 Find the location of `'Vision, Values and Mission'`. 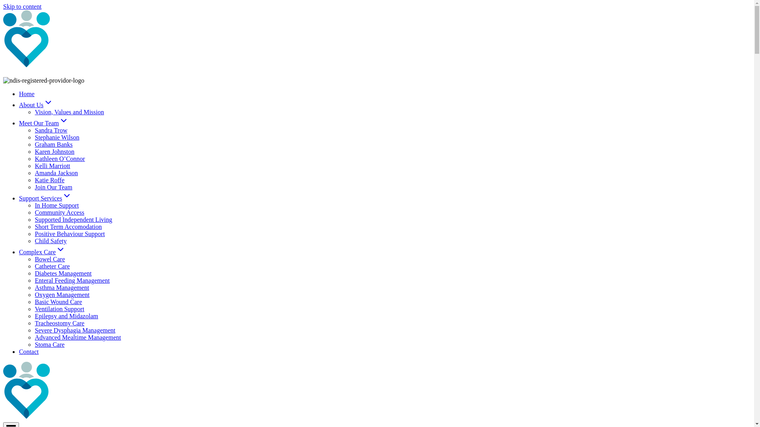

'Vision, Values and Mission' is located at coordinates (69, 112).